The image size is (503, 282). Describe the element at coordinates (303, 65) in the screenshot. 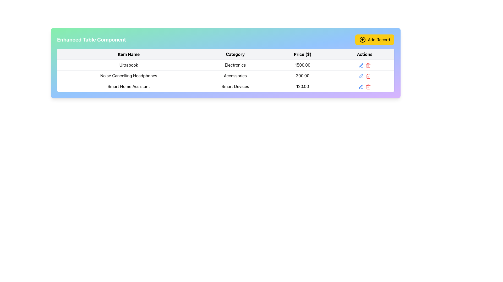

I see `the price text displaying '1500.00' in the Electronics table row, which is centered in its cell under the 'Price ($)' column` at that location.